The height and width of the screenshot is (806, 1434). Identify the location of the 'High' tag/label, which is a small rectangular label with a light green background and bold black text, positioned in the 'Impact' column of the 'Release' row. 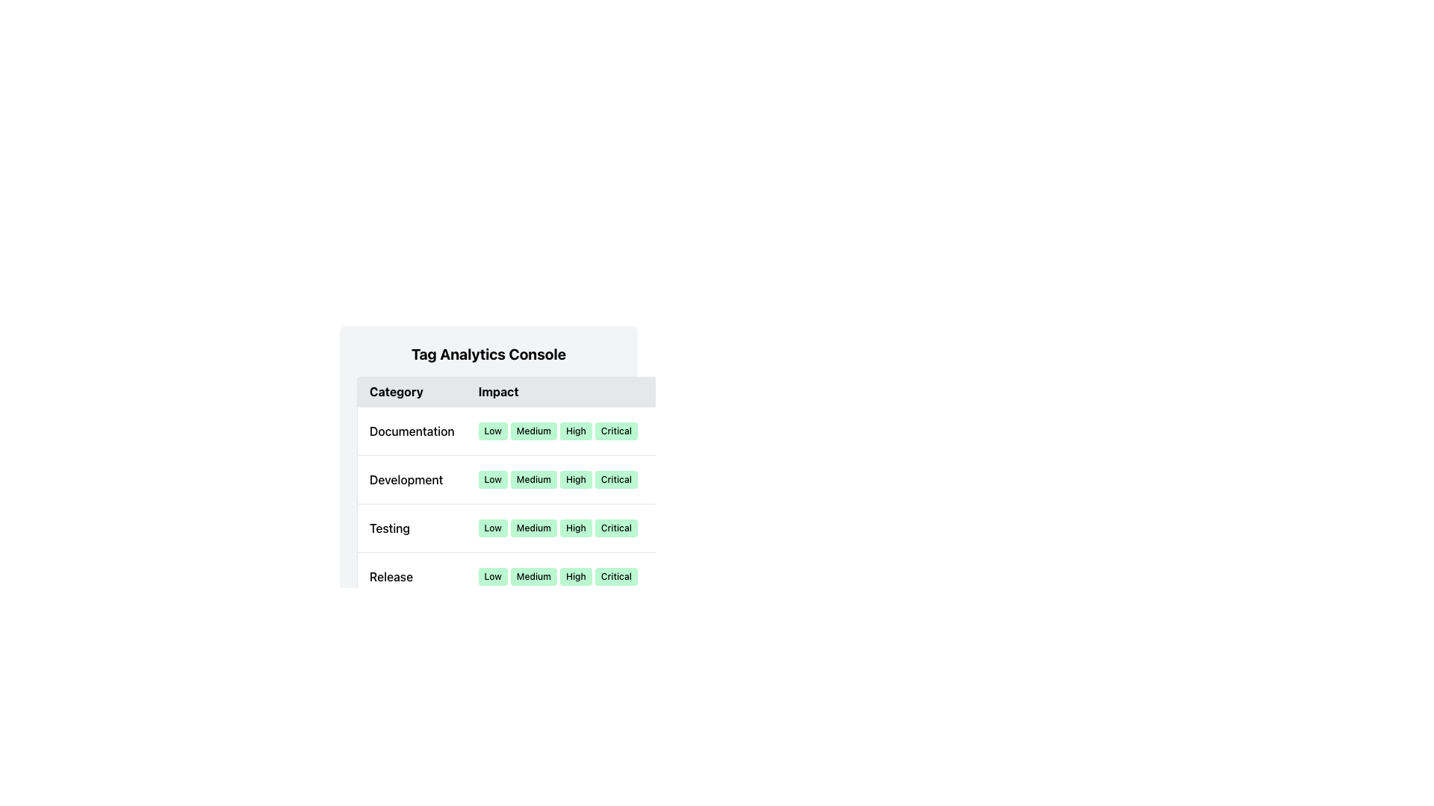
(575, 575).